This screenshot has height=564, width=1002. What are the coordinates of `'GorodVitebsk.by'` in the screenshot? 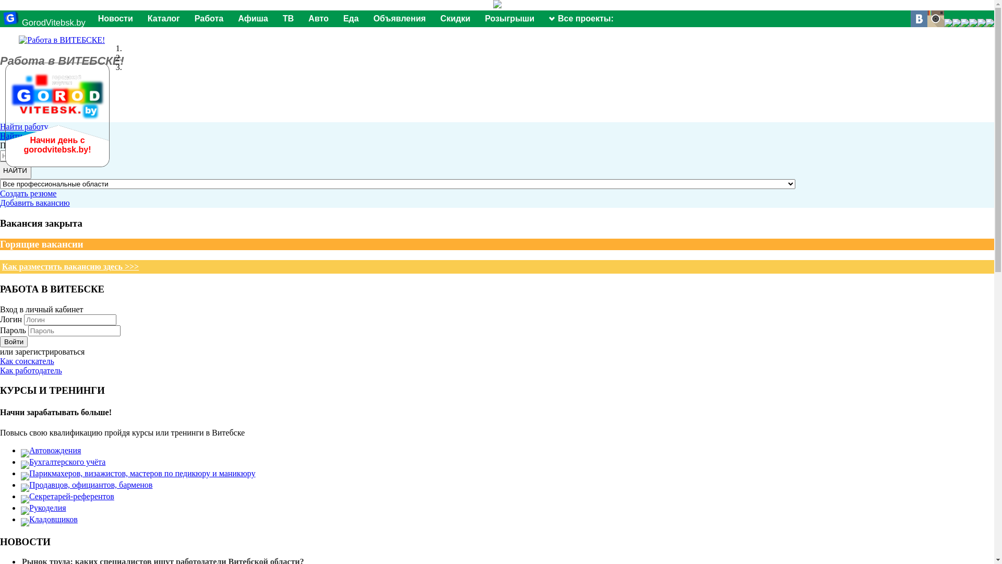 It's located at (43, 22).